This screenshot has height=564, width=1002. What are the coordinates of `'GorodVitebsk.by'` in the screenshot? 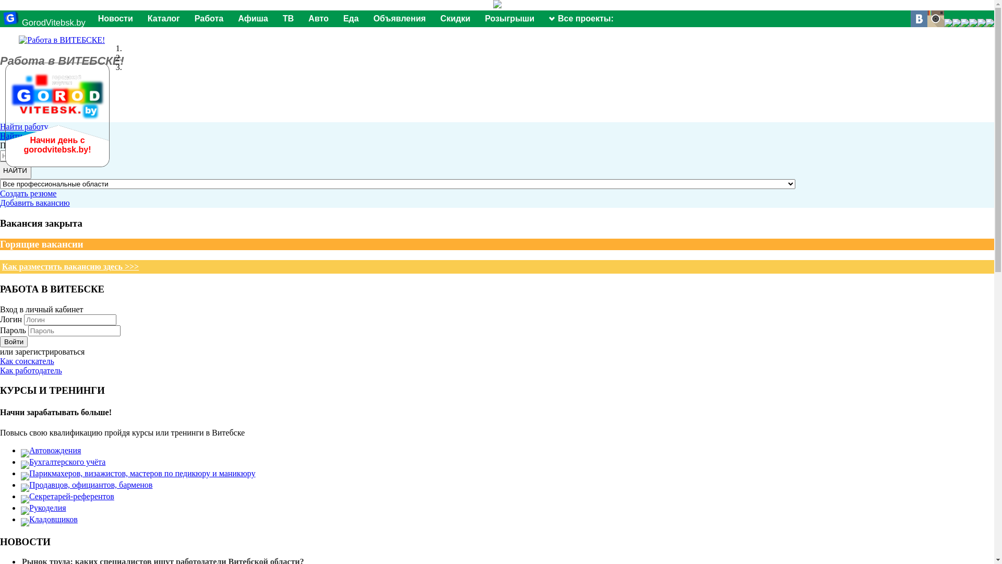 It's located at (43, 22).